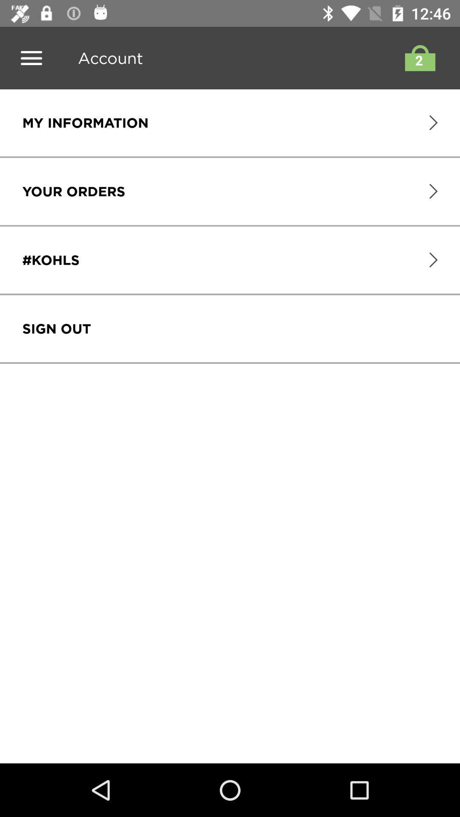 This screenshot has height=817, width=460. I want to click on the item above my information icon, so click(106, 57).